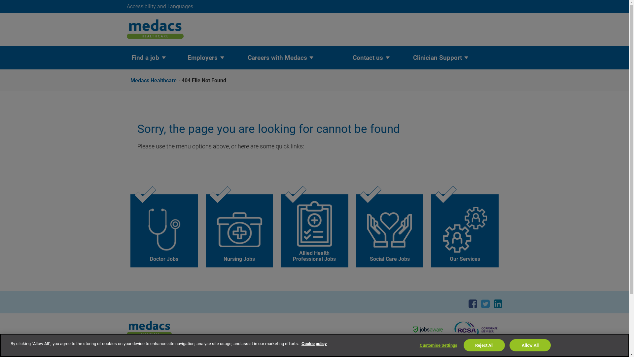 The width and height of the screenshot is (634, 357). What do you see at coordinates (390, 230) in the screenshot?
I see `'Social Care Jobs'` at bounding box center [390, 230].